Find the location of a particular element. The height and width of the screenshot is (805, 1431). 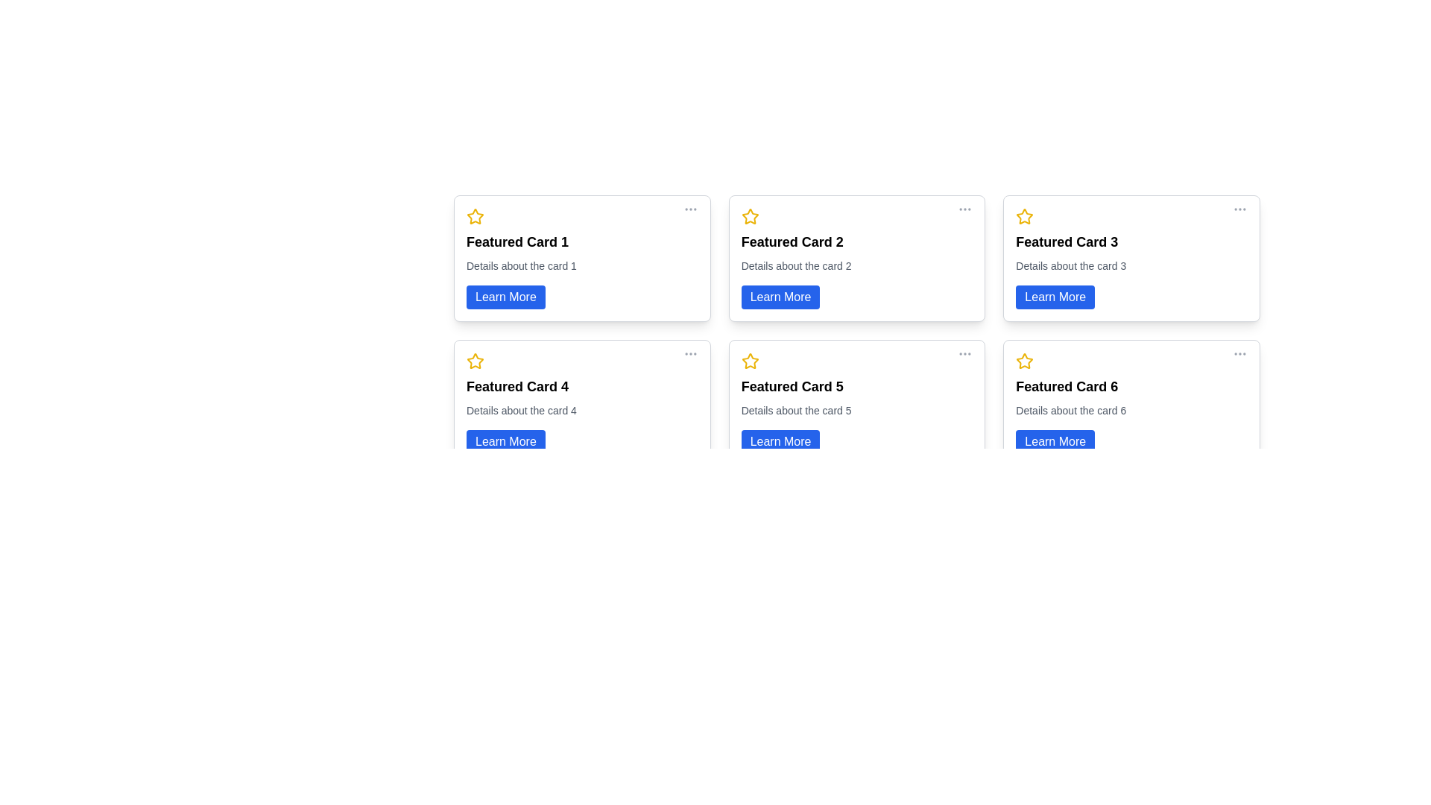

the button located at the bottom-left corner of 'Featured Card 4' to visualize the hover effect is located at coordinates (505, 441).